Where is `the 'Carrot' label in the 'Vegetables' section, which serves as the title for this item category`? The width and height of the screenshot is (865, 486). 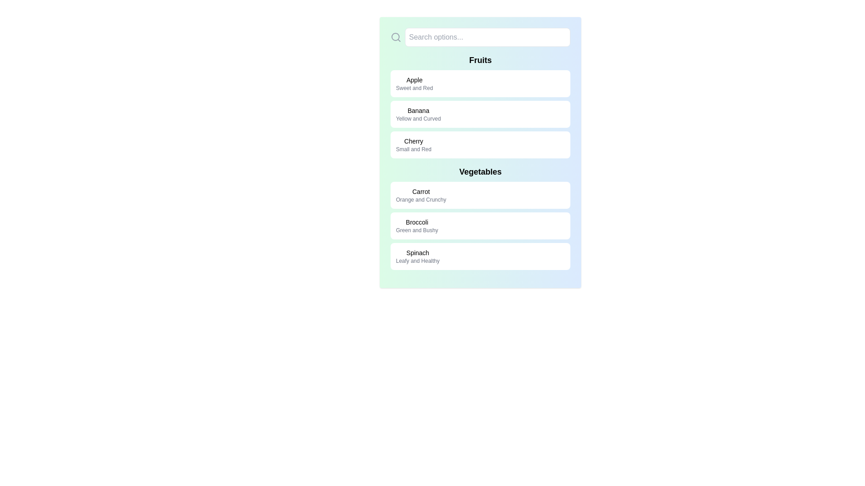
the 'Carrot' label in the 'Vegetables' section, which serves as the title for this item category is located at coordinates (420, 191).